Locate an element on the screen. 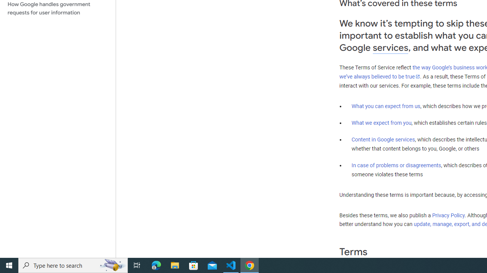 This screenshot has width=487, height=273. 'What we expect from you' is located at coordinates (381, 122).